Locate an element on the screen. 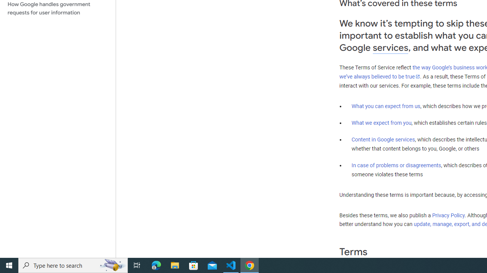 This screenshot has width=487, height=273. 'What we expect from you' is located at coordinates (381, 122).